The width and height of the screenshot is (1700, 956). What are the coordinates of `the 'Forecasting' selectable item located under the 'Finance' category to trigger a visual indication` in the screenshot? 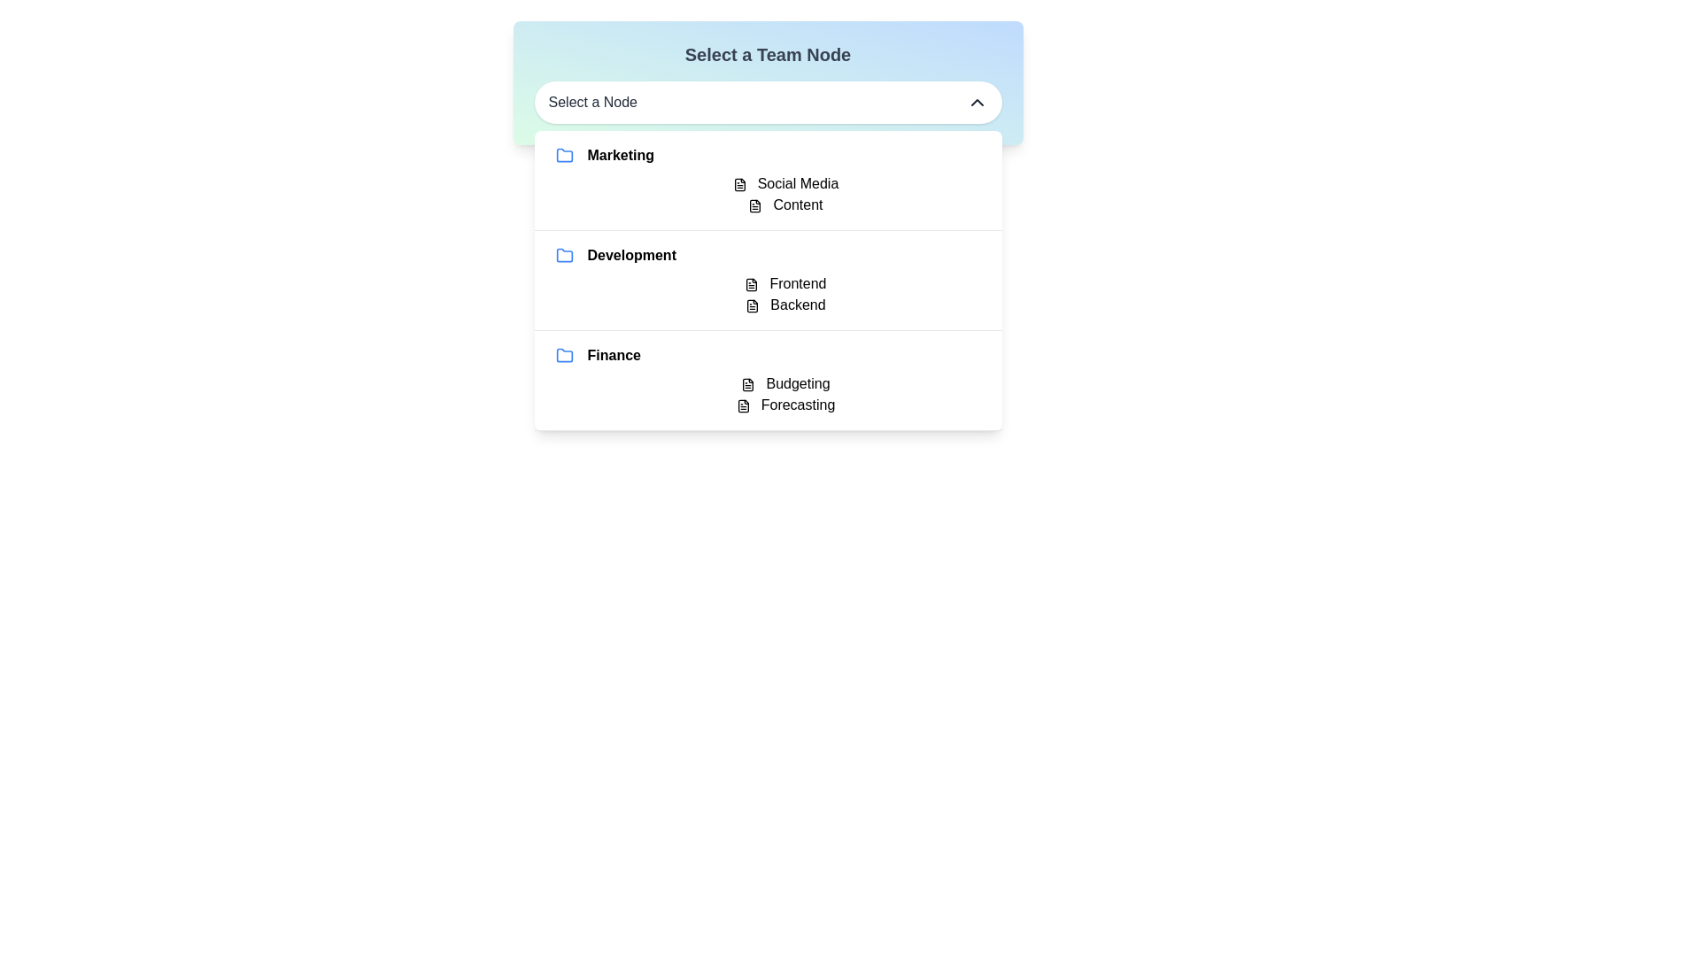 It's located at (784, 405).